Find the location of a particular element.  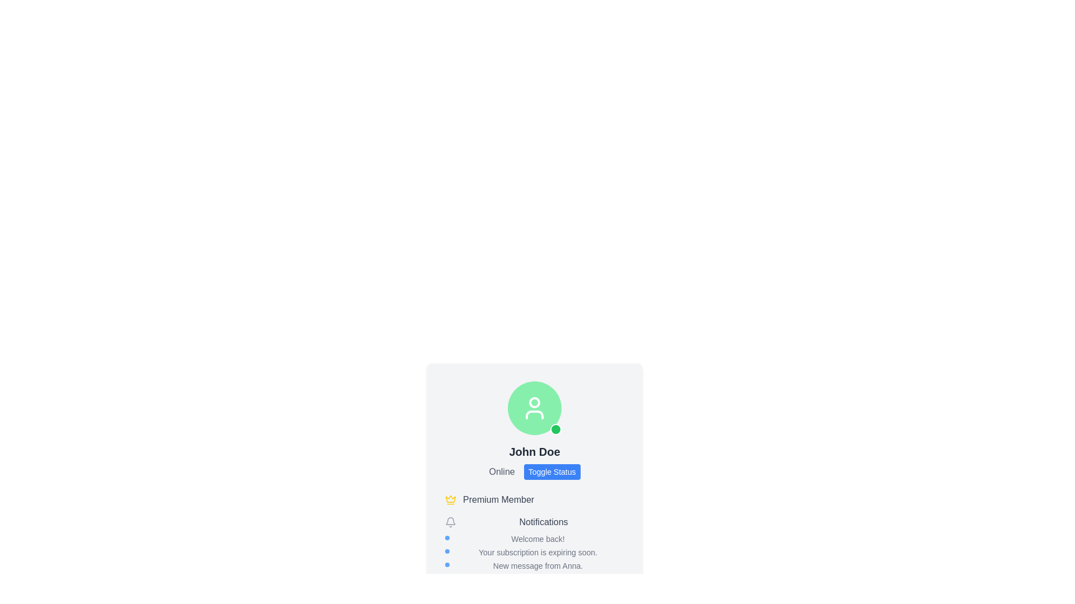

the notification indicating a new message from user Anna is located at coordinates (534, 565).